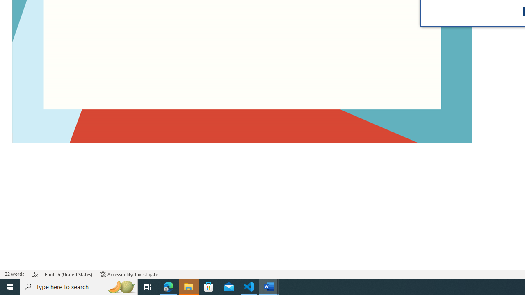 This screenshot has width=525, height=295. Describe the element at coordinates (249, 286) in the screenshot. I see `'Visual Studio Code - 1 running window'` at that location.